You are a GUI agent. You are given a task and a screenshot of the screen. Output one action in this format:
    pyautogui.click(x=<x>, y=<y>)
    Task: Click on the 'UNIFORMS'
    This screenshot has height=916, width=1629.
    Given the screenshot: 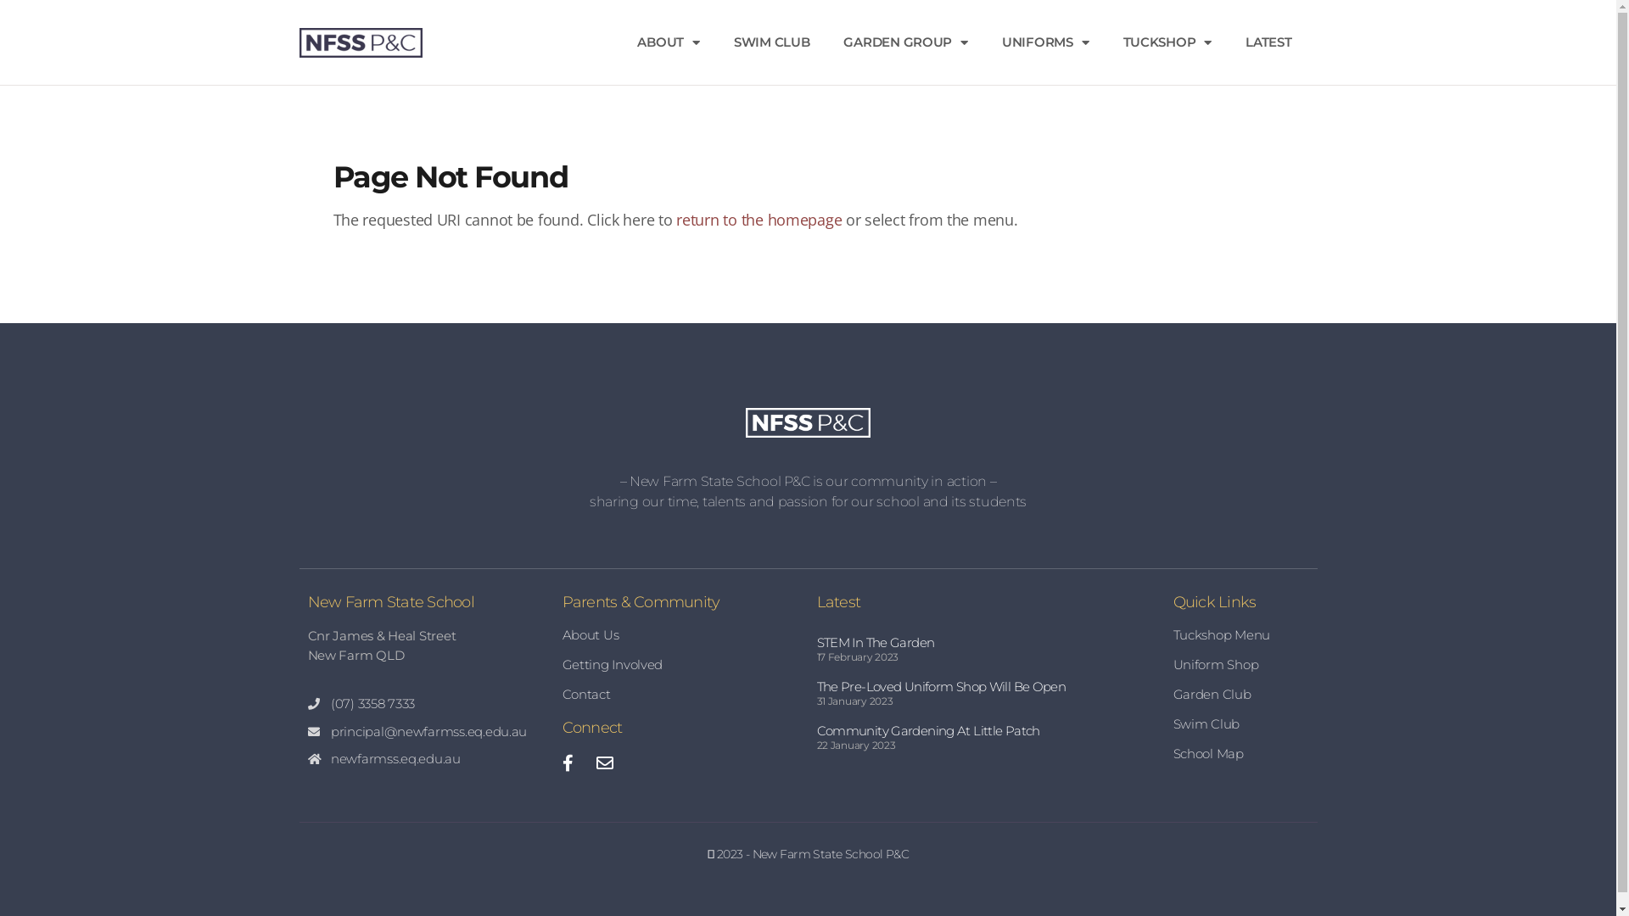 What is the action you would take?
    pyautogui.click(x=1044, y=42)
    